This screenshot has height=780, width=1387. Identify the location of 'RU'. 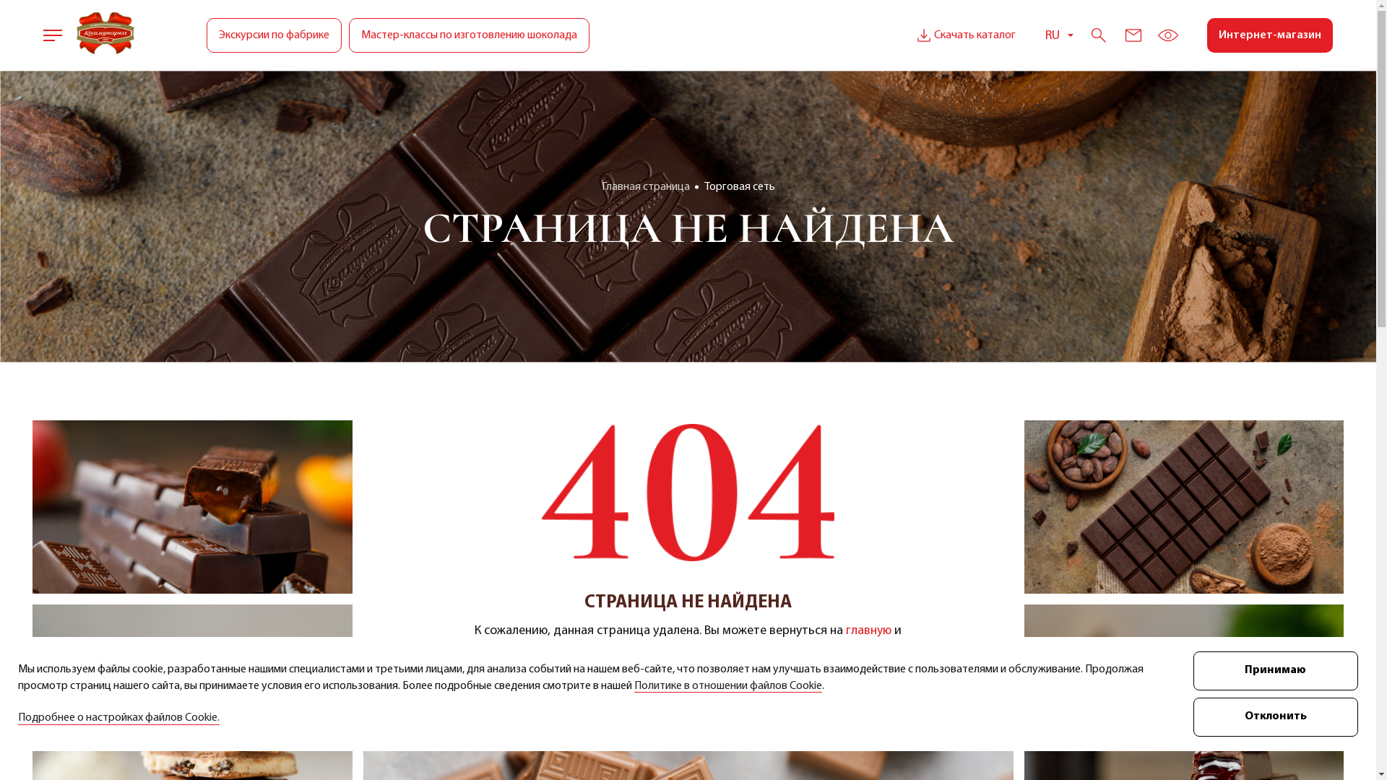
(1059, 35).